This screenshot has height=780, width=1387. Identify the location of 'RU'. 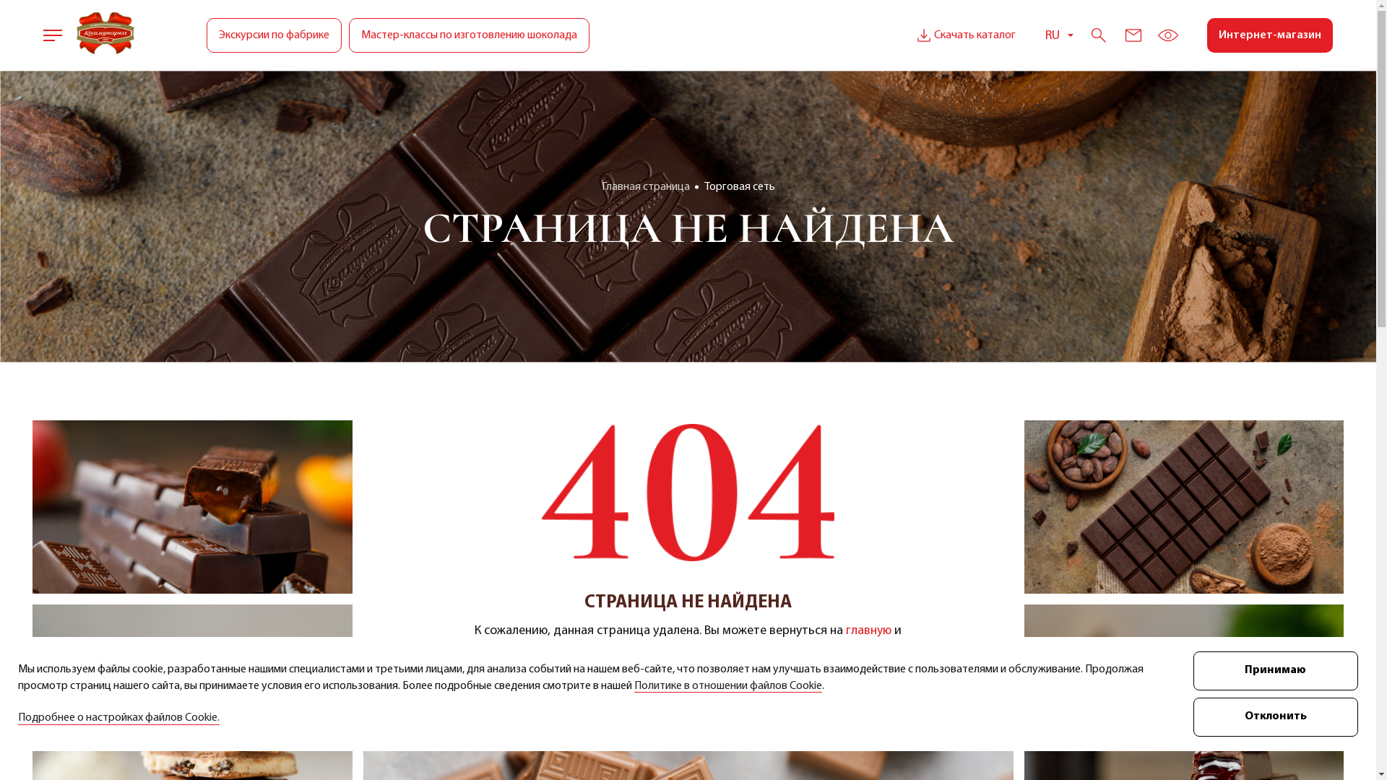
(1059, 35).